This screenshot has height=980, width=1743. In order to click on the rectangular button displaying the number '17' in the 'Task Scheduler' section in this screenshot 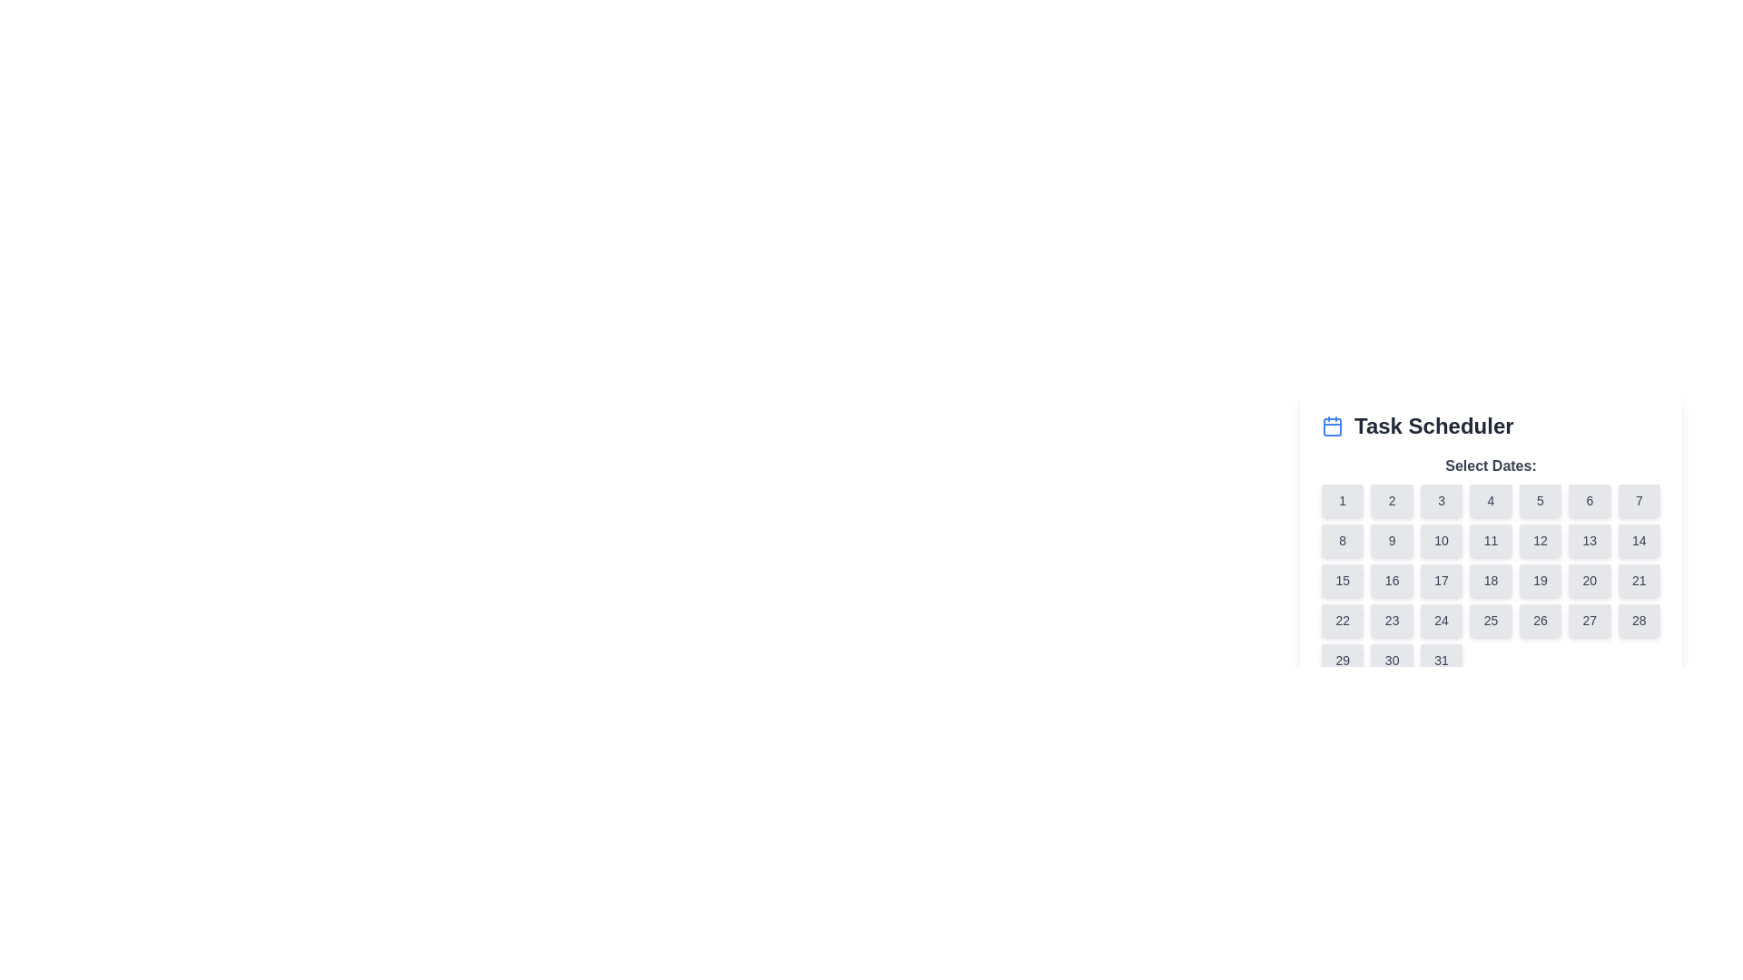, I will do `click(1441, 581)`.